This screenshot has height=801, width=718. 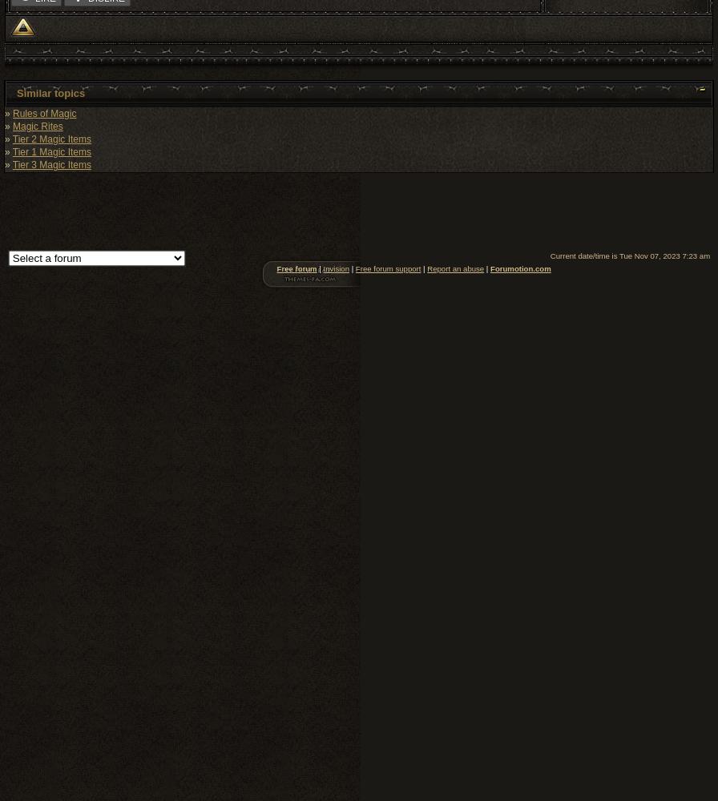 What do you see at coordinates (51, 151) in the screenshot?
I see `'Tier 1 Magic Items'` at bounding box center [51, 151].